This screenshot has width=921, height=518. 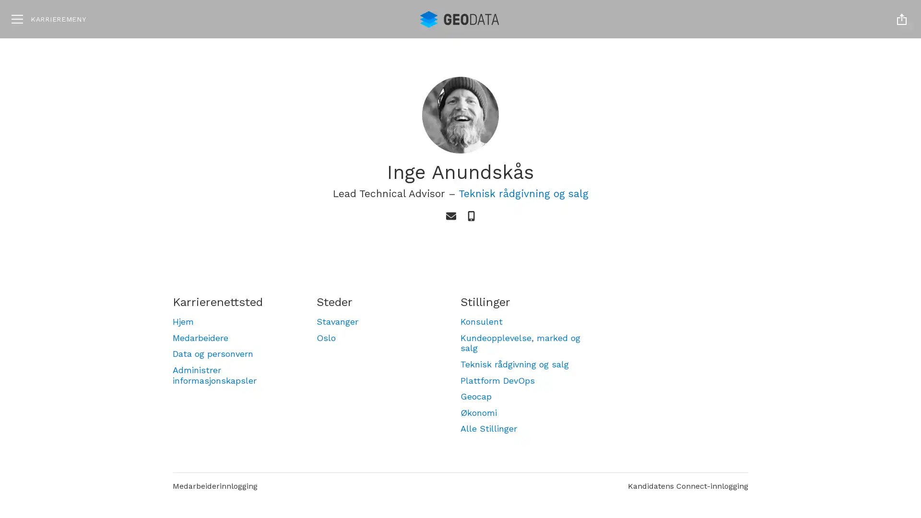 I want to click on Preferanser for informasjonskapsler, so click(x=811, y=466).